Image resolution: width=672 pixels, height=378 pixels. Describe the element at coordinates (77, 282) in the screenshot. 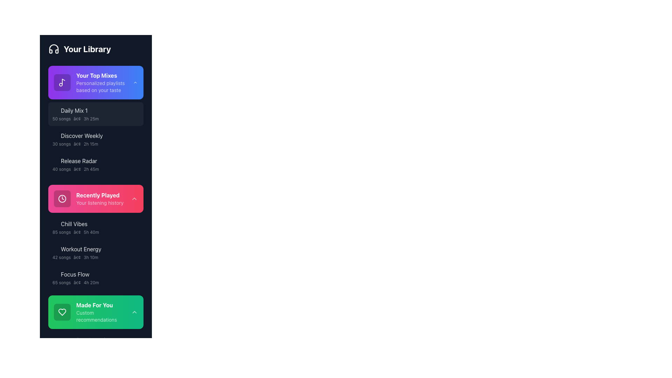

I see `the textual symbol element that serves as a separator between '65 songs' and '4h 20m'` at that location.